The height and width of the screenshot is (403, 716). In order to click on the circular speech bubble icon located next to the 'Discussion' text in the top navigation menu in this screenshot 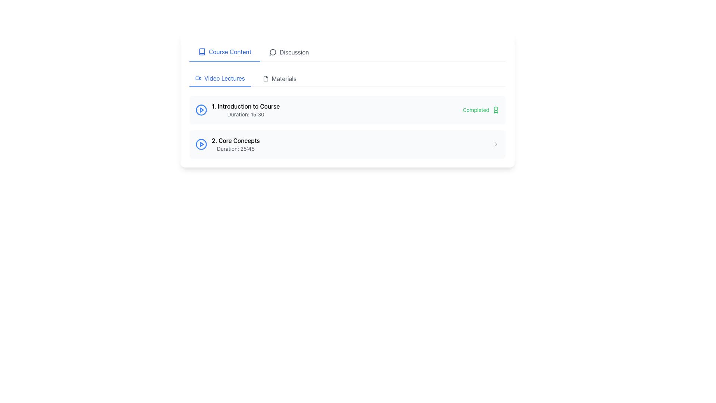, I will do `click(273, 51)`.